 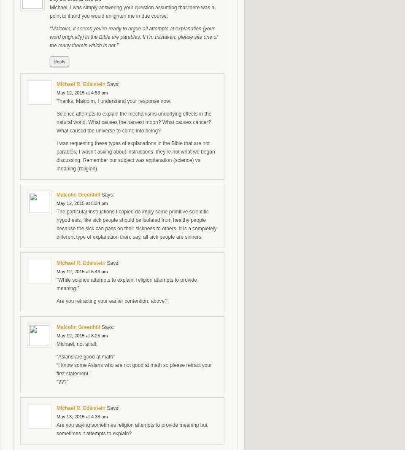 I want to click on 'May 12, 2015 at 4:53 pm', so click(x=82, y=93).